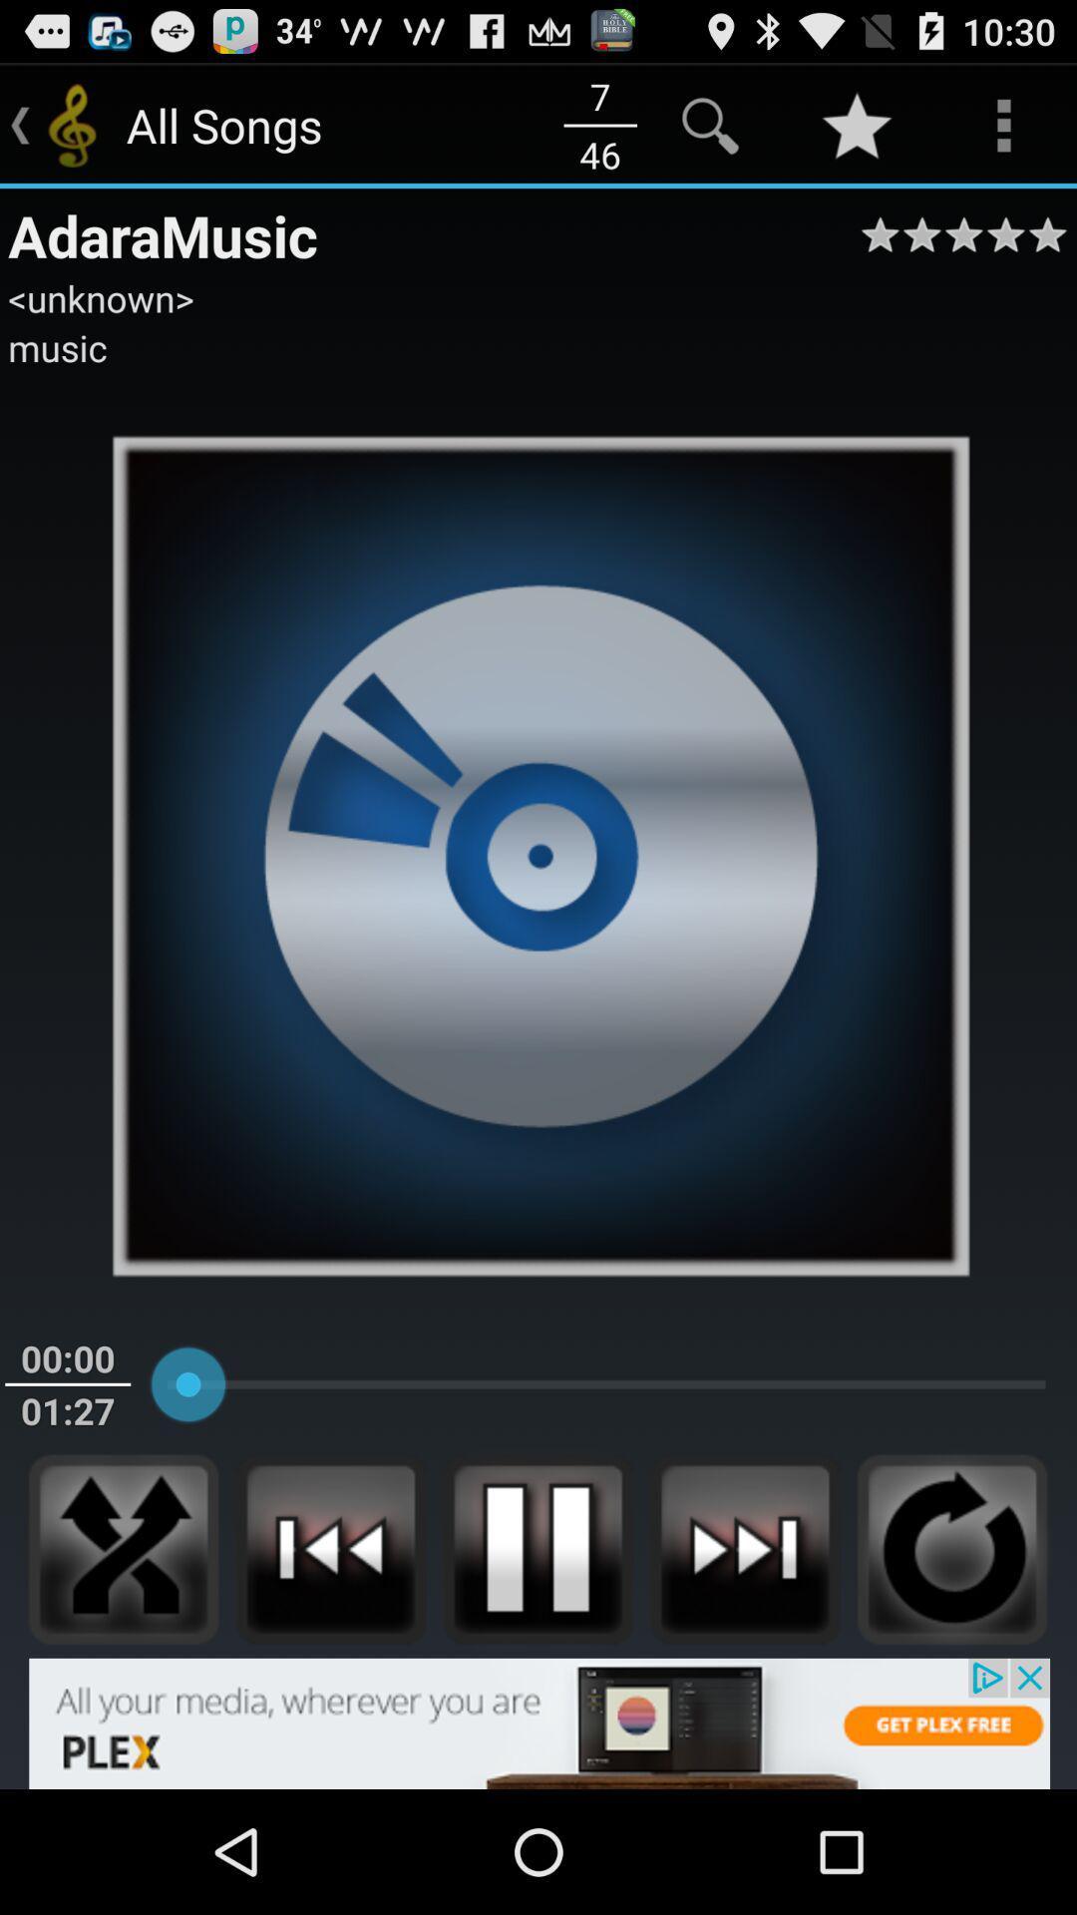 Image resolution: width=1077 pixels, height=1915 pixels. I want to click on the skip_next icon, so click(745, 1658).